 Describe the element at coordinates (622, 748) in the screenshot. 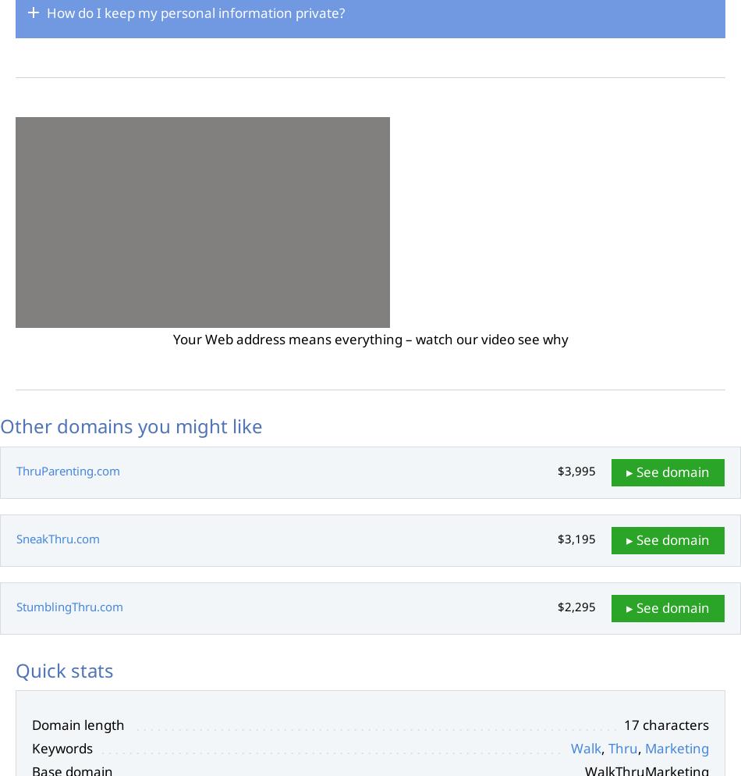

I see `'Thru'` at that location.